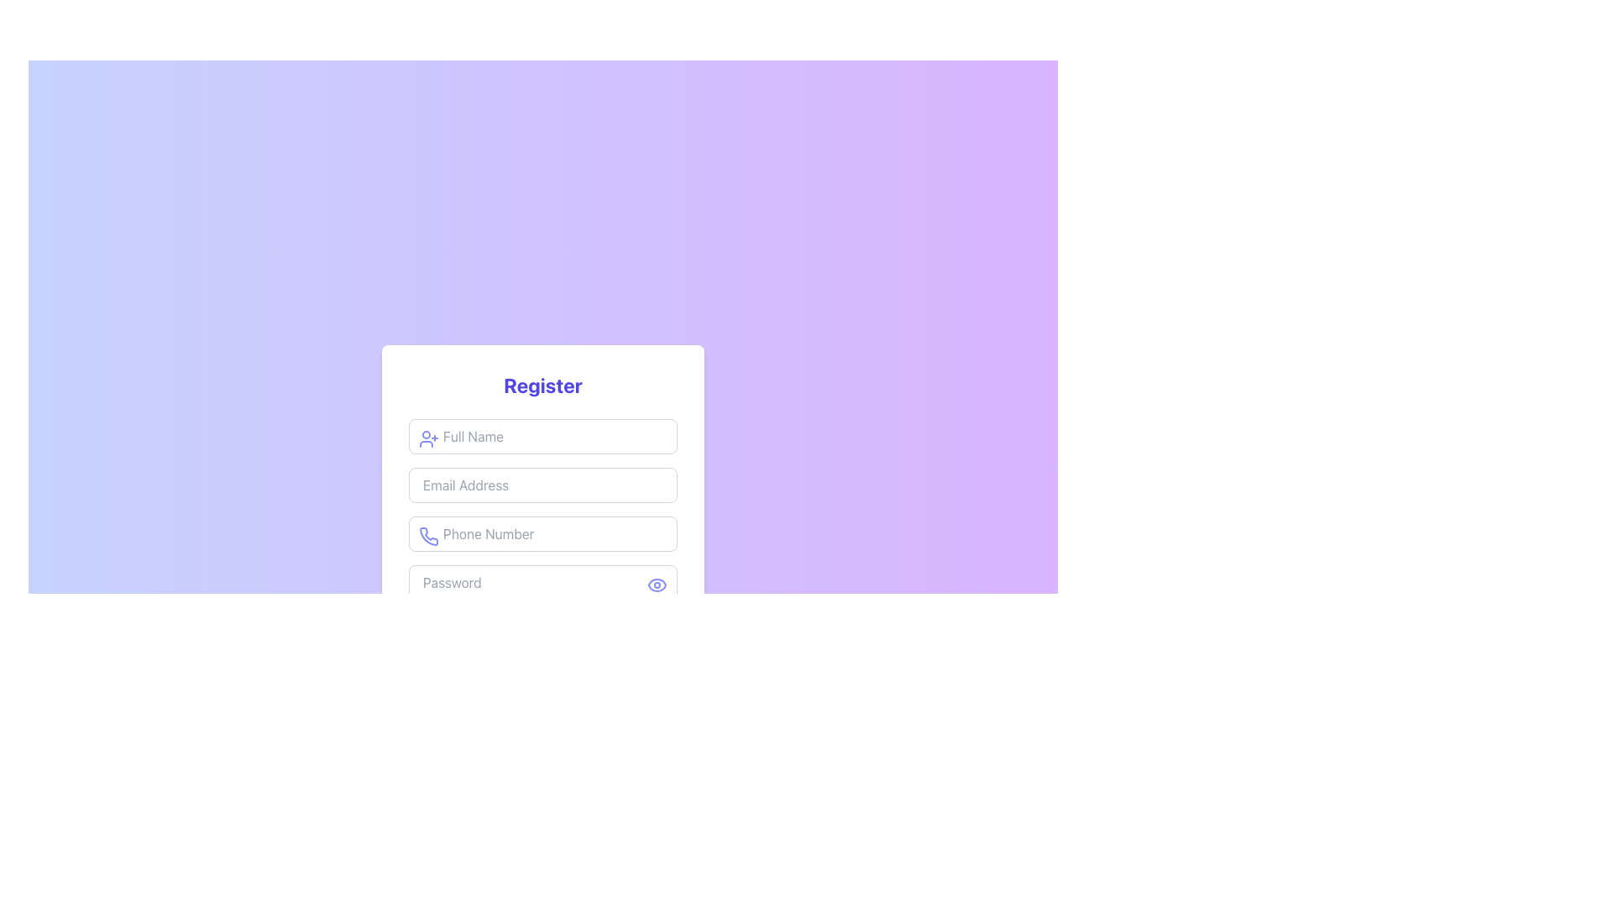 This screenshot has height=907, width=1612. I want to click on the phone icon, which is a decorative indicator located inside the 'Phone Number' input field on the center-left side of the field, so click(429, 537).